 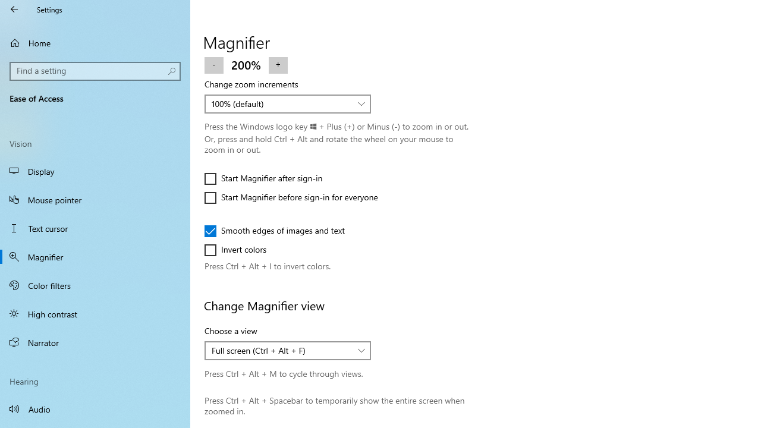 What do you see at coordinates (95, 199) in the screenshot?
I see `'Mouse pointer'` at bounding box center [95, 199].